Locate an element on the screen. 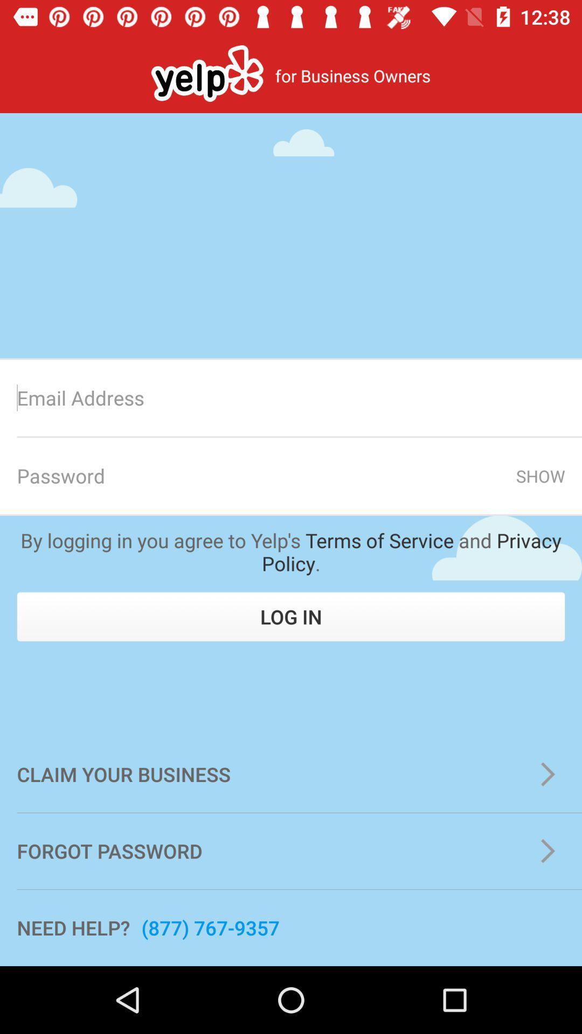 The image size is (582, 1034). by logging in item is located at coordinates (291, 551).